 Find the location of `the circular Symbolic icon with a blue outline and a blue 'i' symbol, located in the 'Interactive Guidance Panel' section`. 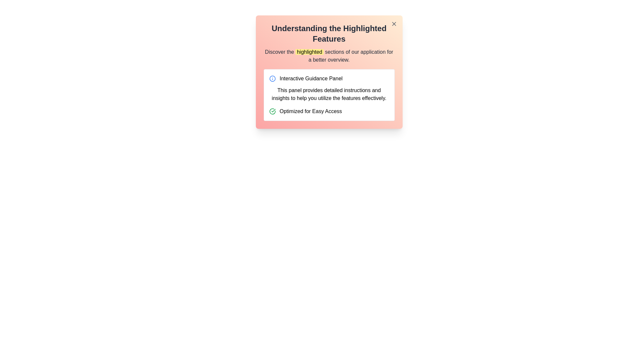

the circular Symbolic icon with a blue outline and a blue 'i' symbol, located in the 'Interactive Guidance Panel' section is located at coordinates (272, 78).